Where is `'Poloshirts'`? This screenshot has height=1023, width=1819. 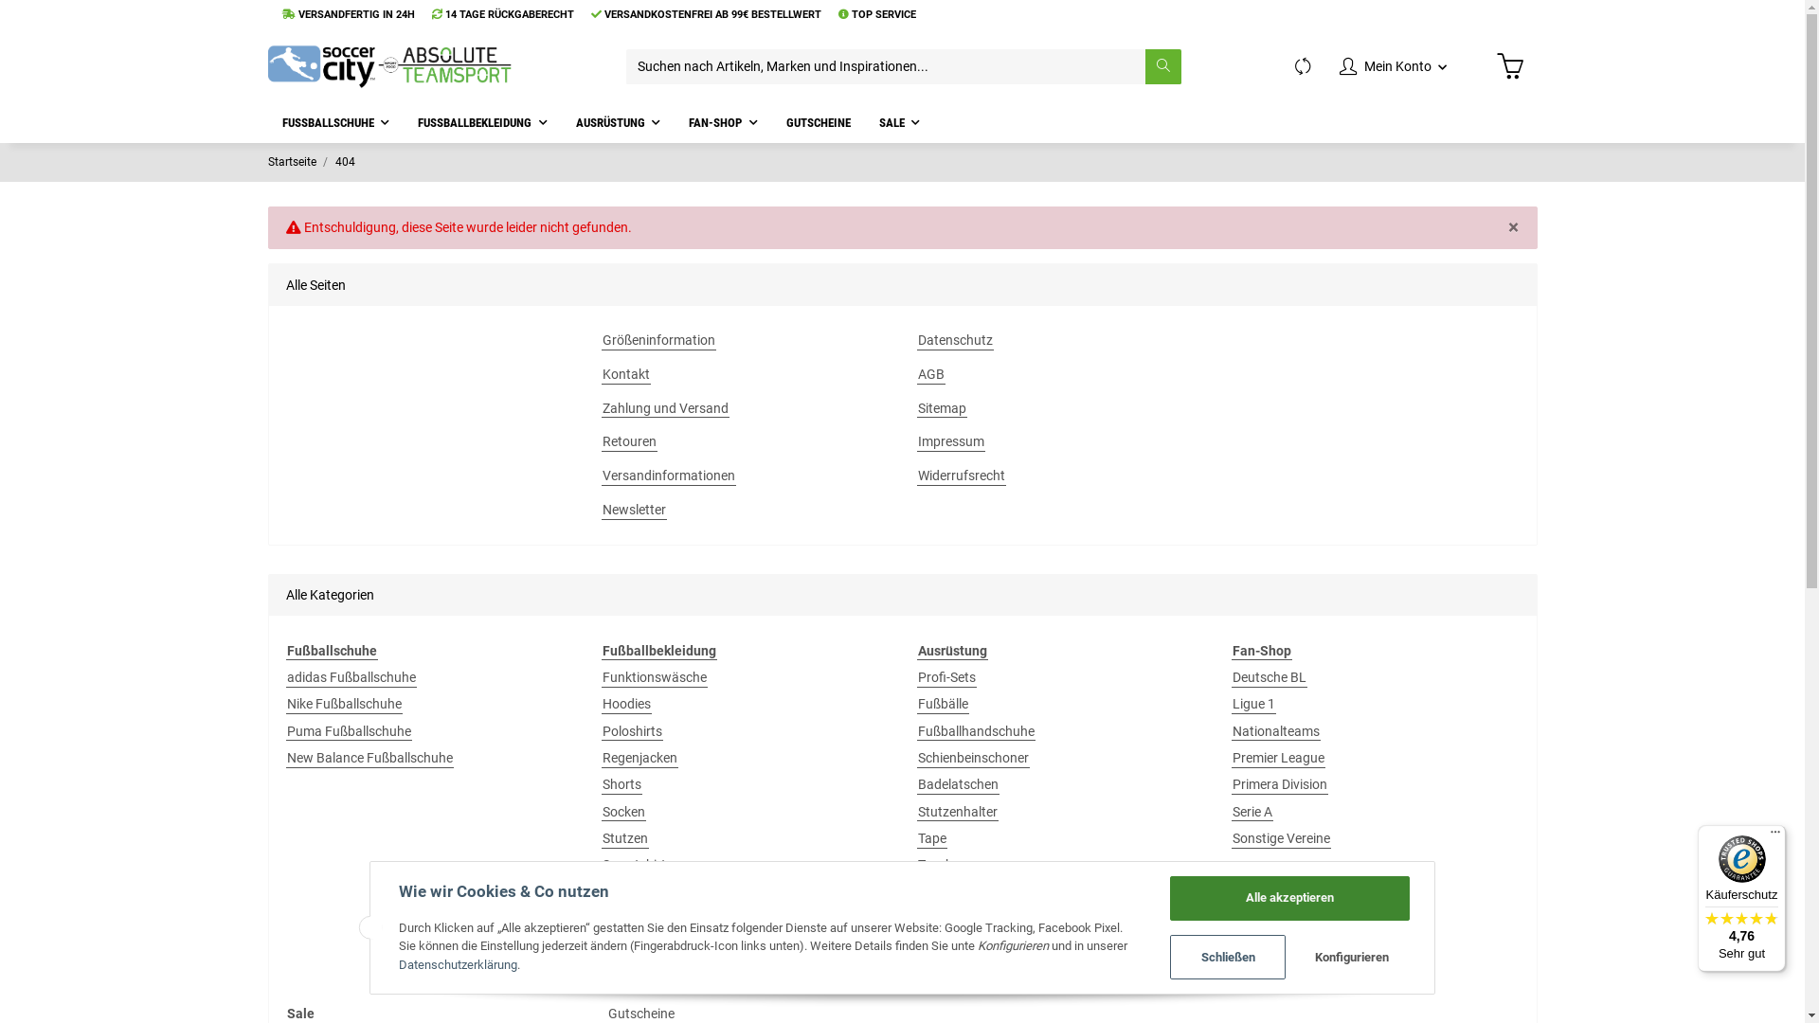
'Poloshirts' is located at coordinates (632, 730).